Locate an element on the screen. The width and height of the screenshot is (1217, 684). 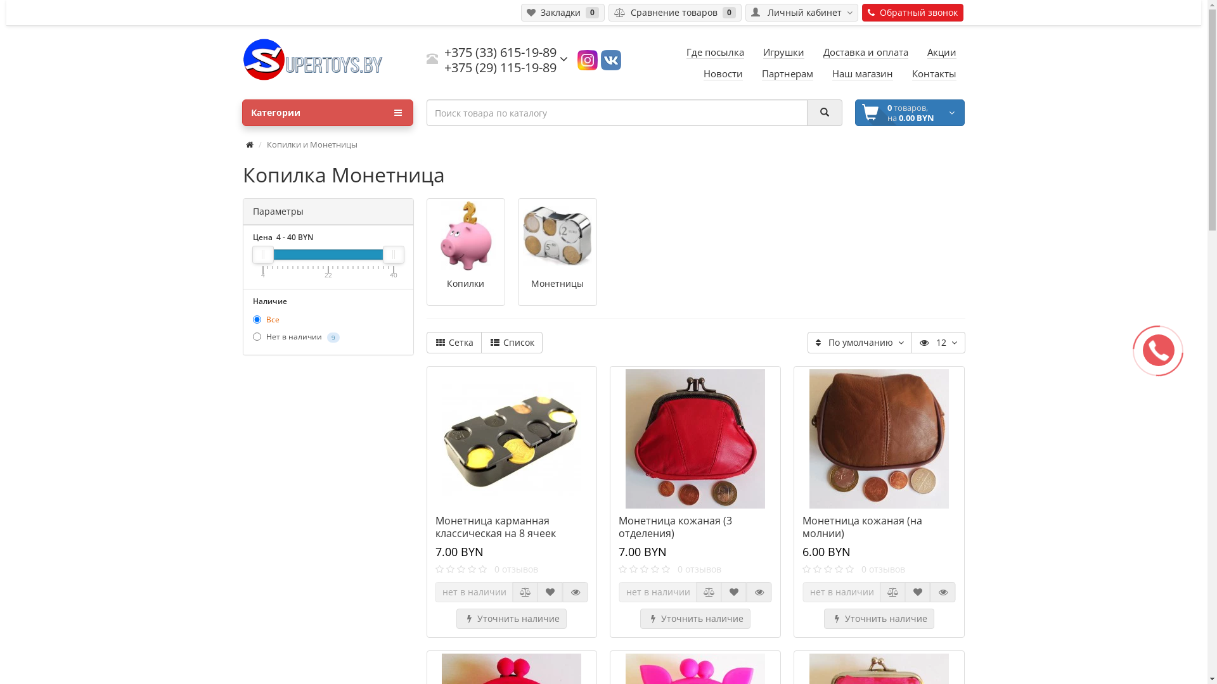
'   12  ' is located at coordinates (938, 342).